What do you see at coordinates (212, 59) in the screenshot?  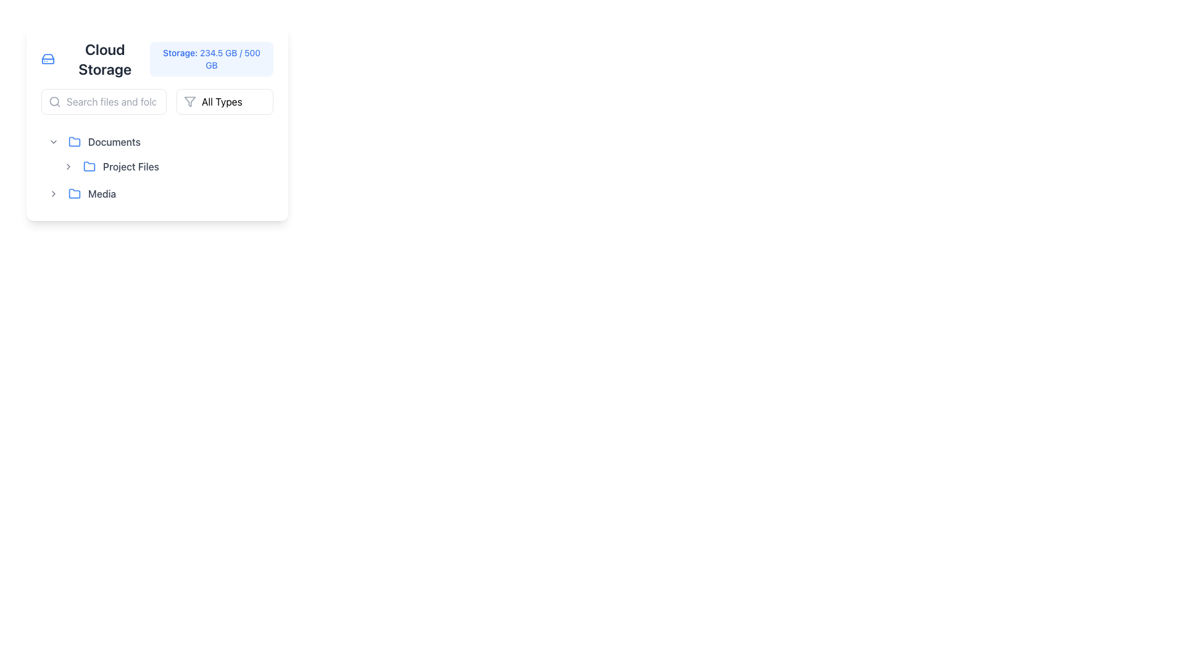 I see `storage information displayed in blue text on a light blue rounded background labeled 'Storage:' followed by '234.5 GB / 500 GB'` at bounding box center [212, 59].